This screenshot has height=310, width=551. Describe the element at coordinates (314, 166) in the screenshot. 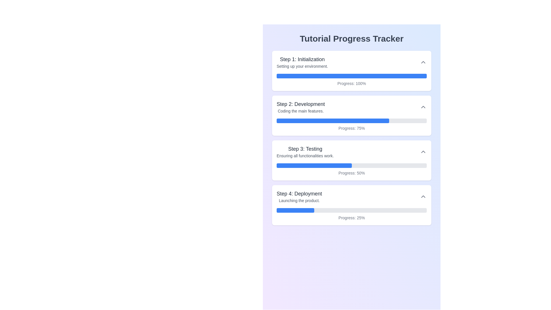

I see `the progress bar segment representing 50% completion in the 'Step 3: Testing' section` at that location.